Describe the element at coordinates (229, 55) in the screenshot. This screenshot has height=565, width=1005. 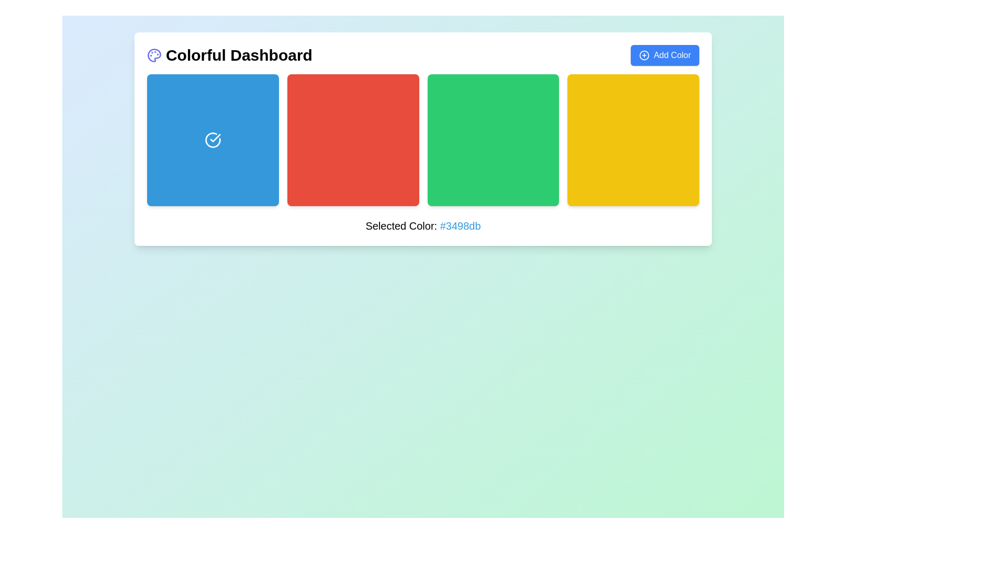
I see `dashboard header located in the top left corner of the main content area to understand the page context` at that location.